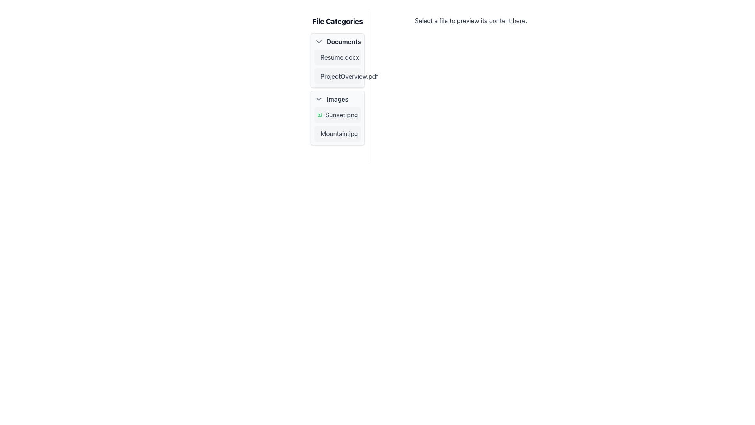 Image resolution: width=755 pixels, height=425 pixels. I want to click on the 'Documents' text label, which is styled with a bold font and dark gray color, so click(343, 41).